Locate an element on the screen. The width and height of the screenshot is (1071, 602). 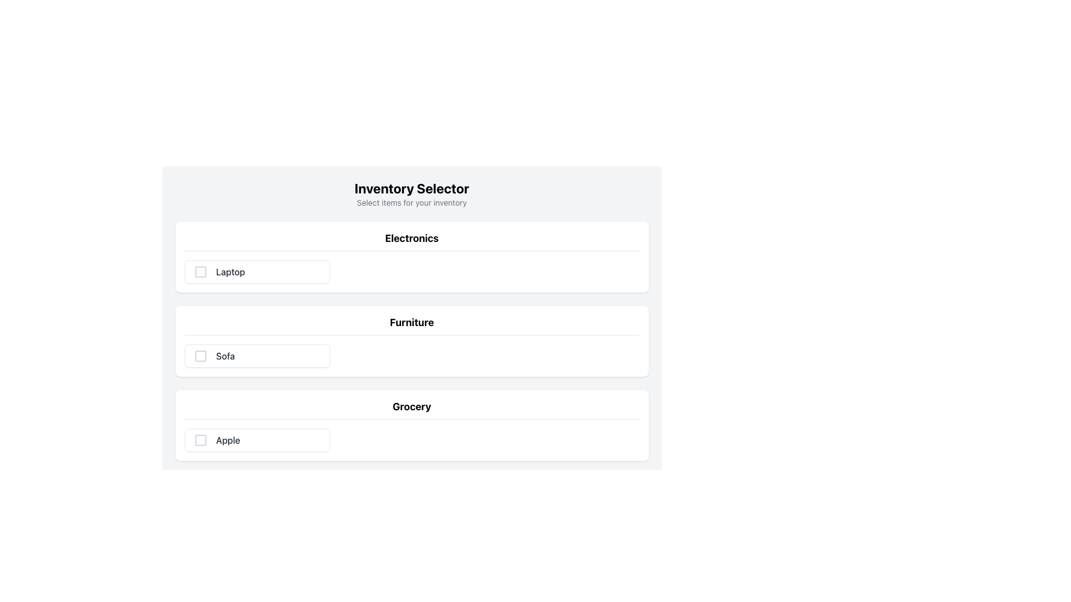
the checkbox located to the left of the 'Laptop' label is located at coordinates (200, 272).